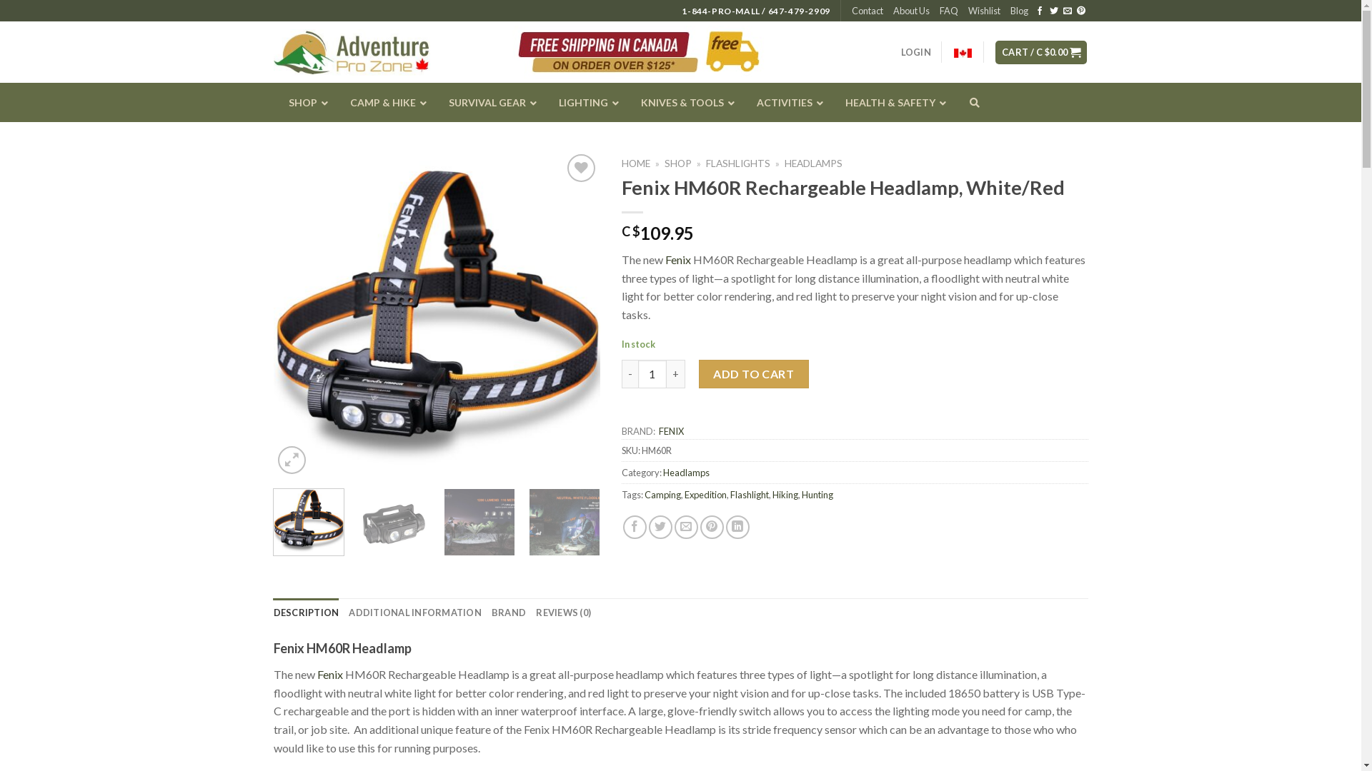 The width and height of the screenshot is (1372, 771). I want to click on 'Zoom', so click(291, 460).